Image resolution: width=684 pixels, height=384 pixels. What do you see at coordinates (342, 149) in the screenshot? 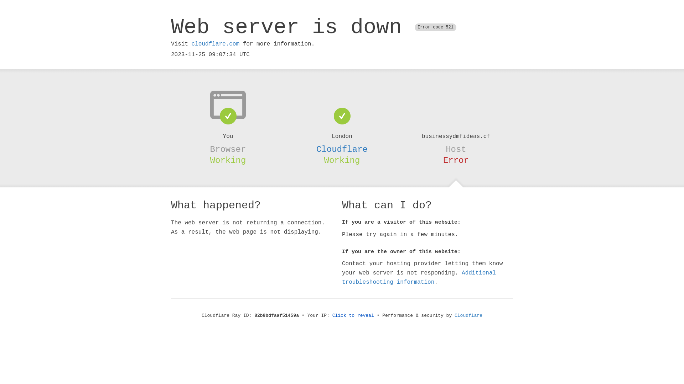
I see `'Cloudflare'` at bounding box center [342, 149].